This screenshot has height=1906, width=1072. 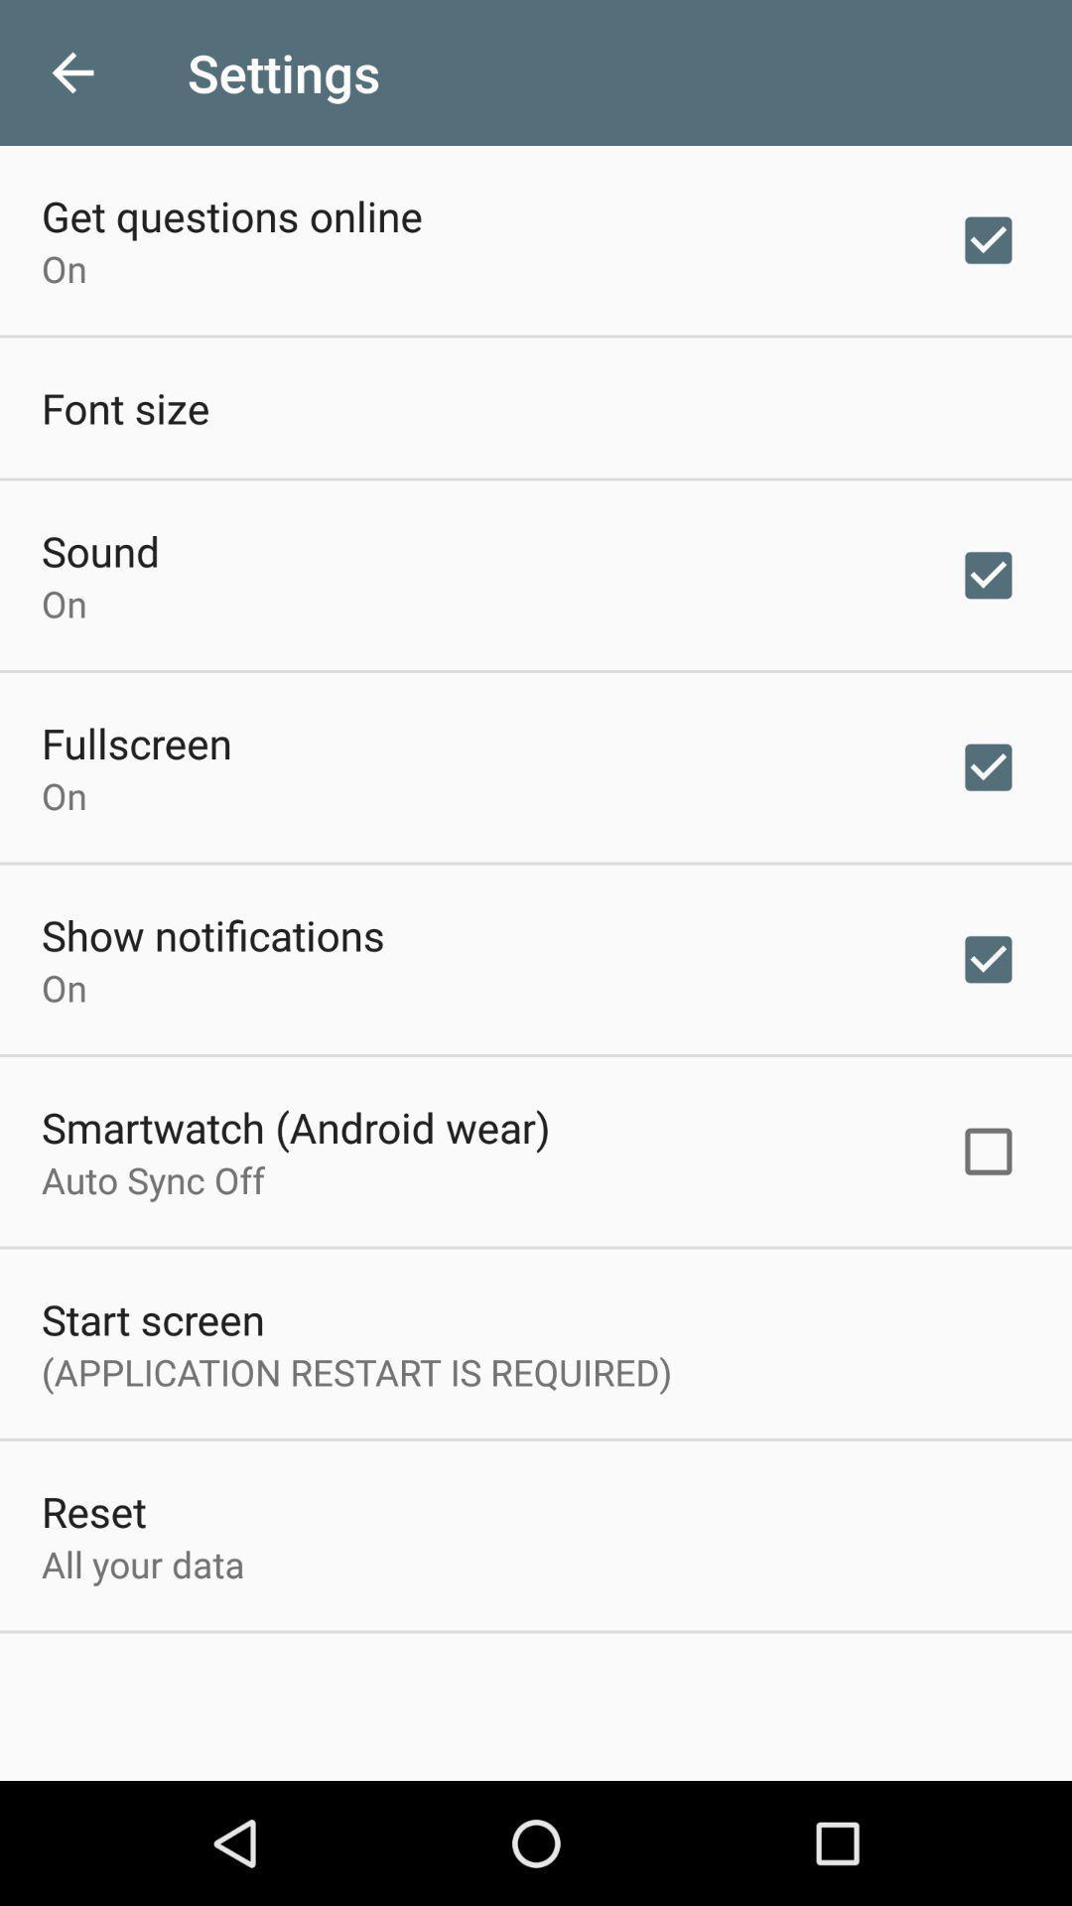 I want to click on the fullscreen, so click(x=136, y=742).